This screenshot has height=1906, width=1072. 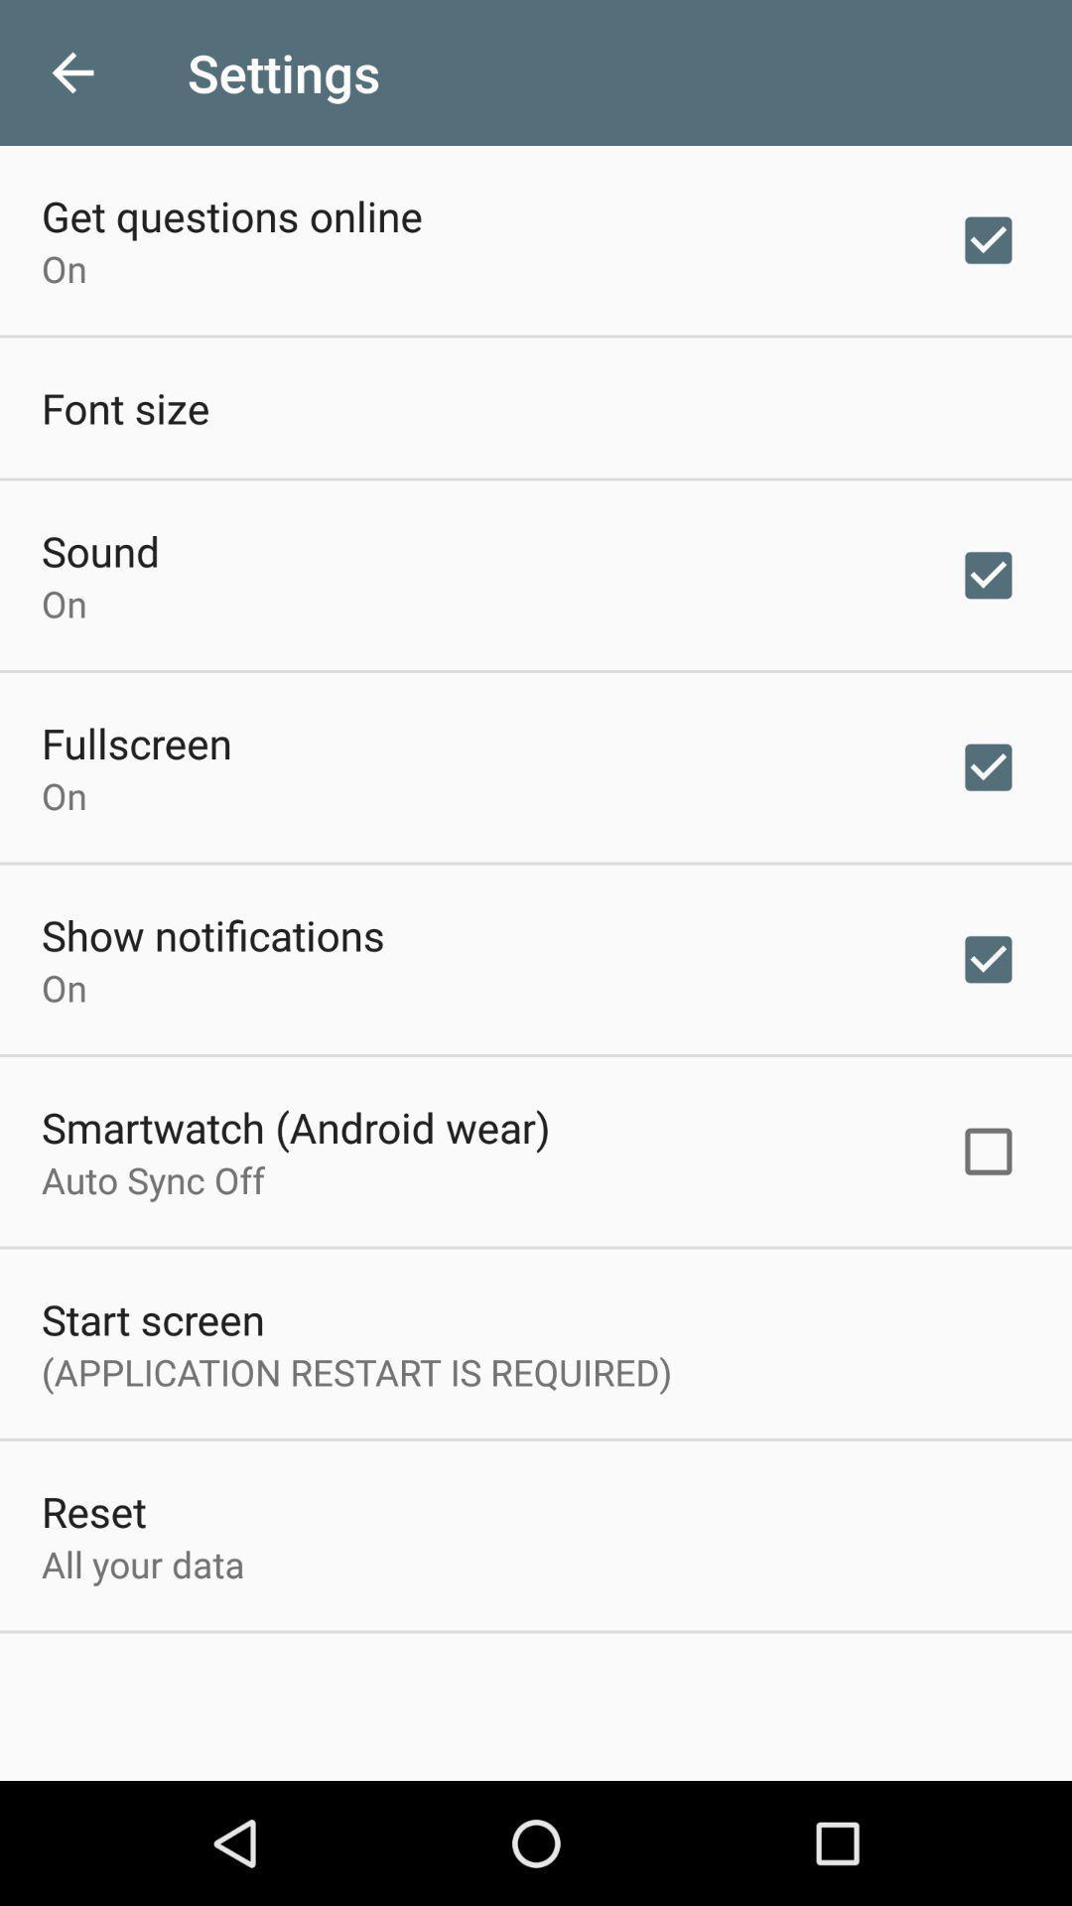 I want to click on the fullscreen, so click(x=136, y=742).